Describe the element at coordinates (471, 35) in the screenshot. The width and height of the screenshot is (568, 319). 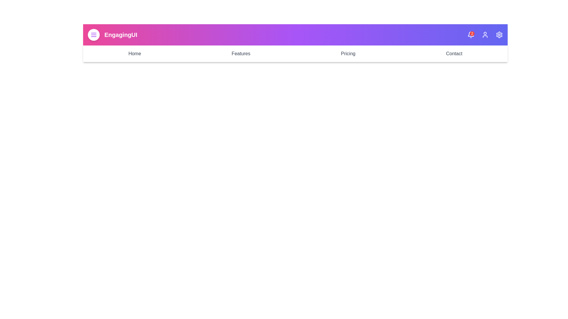
I see `the bell icon to observe its visual feedback` at that location.